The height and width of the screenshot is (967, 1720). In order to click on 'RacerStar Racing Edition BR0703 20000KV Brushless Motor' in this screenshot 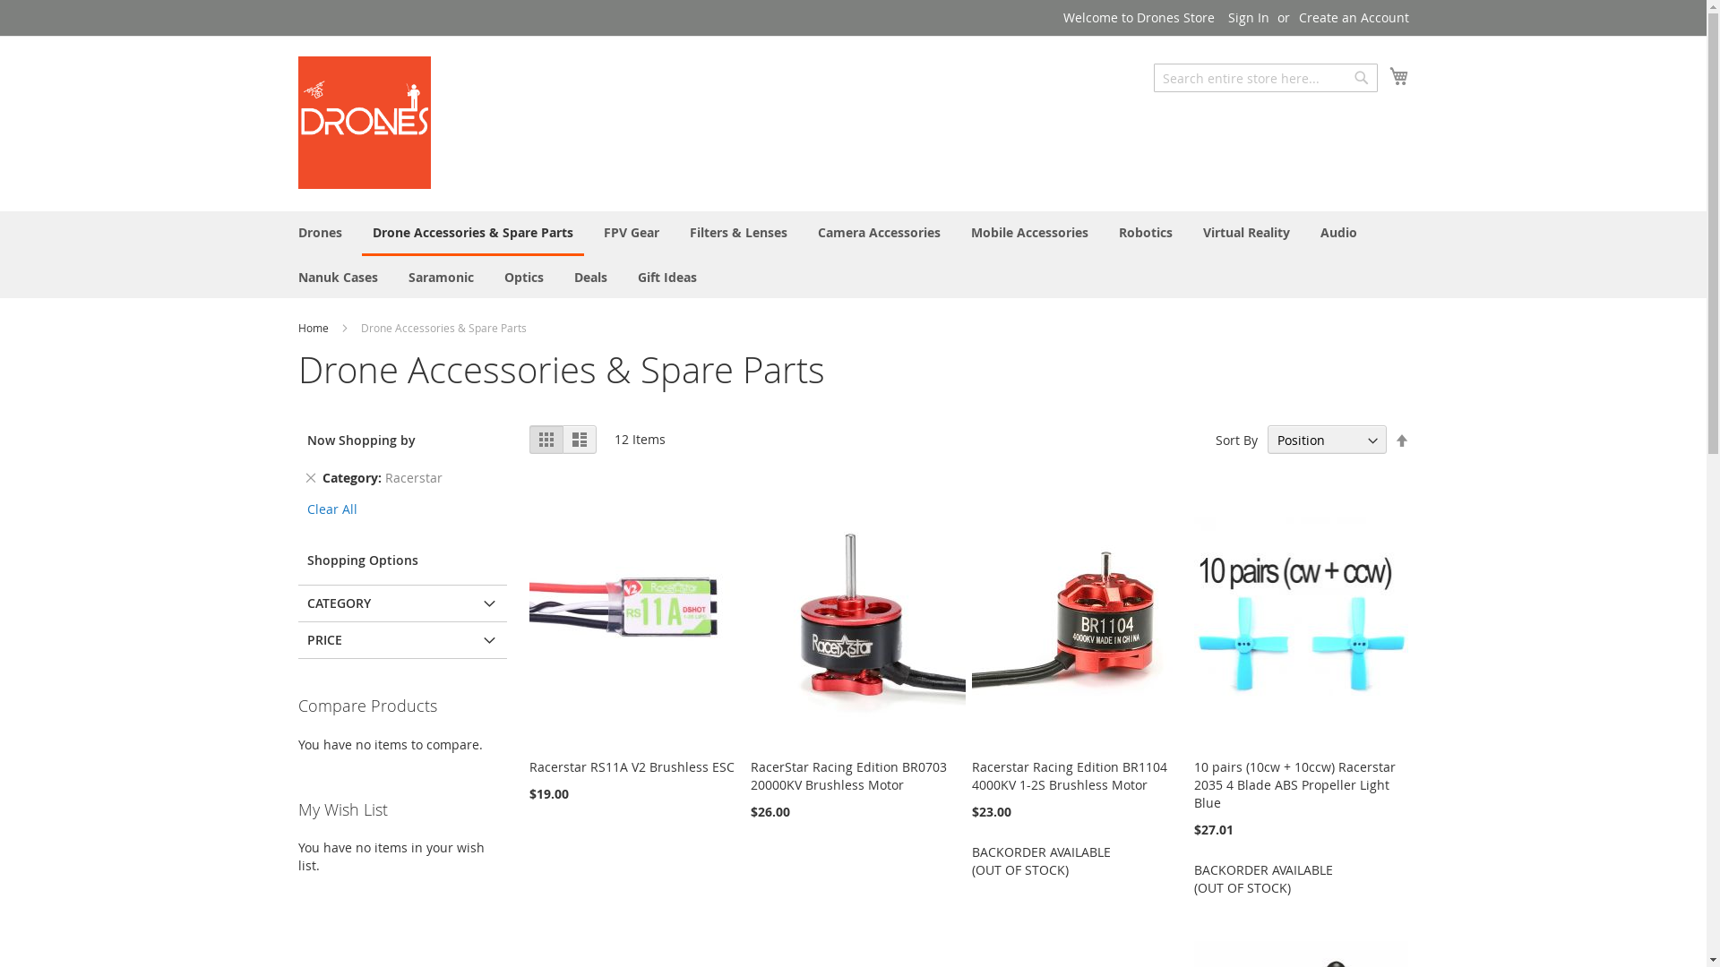, I will do `click(847, 774)`.